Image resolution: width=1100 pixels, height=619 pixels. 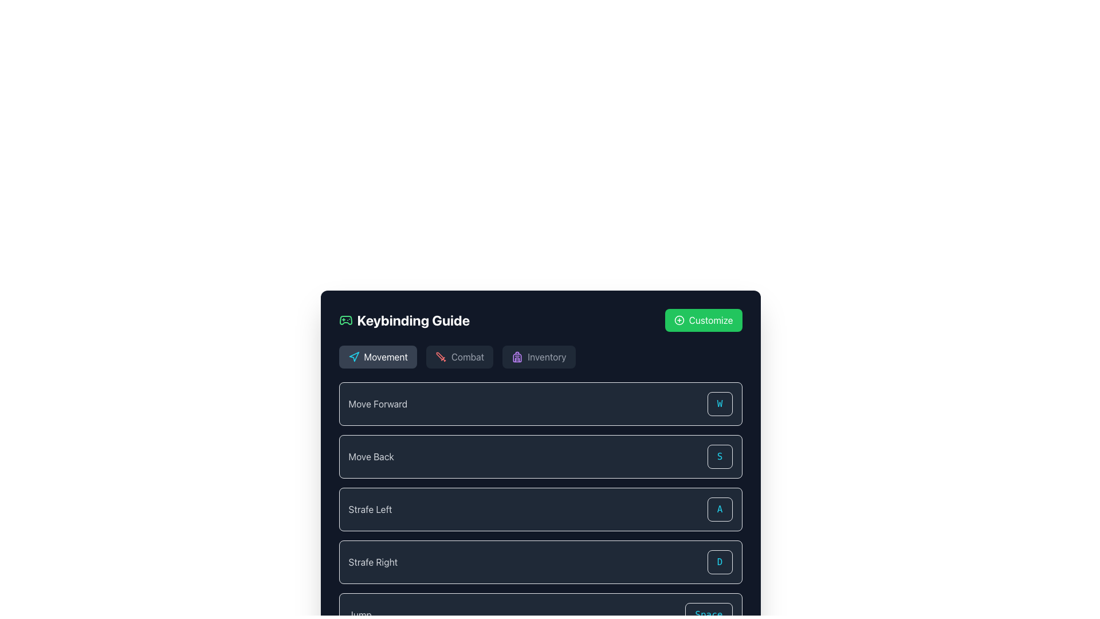 I want to click on the small game controller icon with a green outline located to the left of the 'Keybinding Guide' title text, so click(x=345, y=320).